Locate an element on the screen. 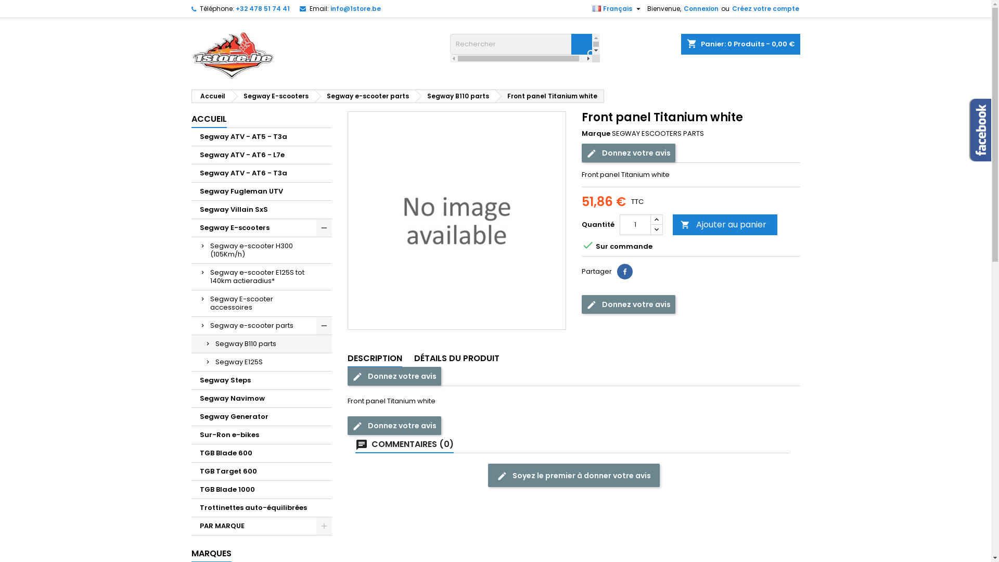 The width and height of the screenshot is (999, 562). 'Segway e-scooter parts' is located at coordinates (262, 325).